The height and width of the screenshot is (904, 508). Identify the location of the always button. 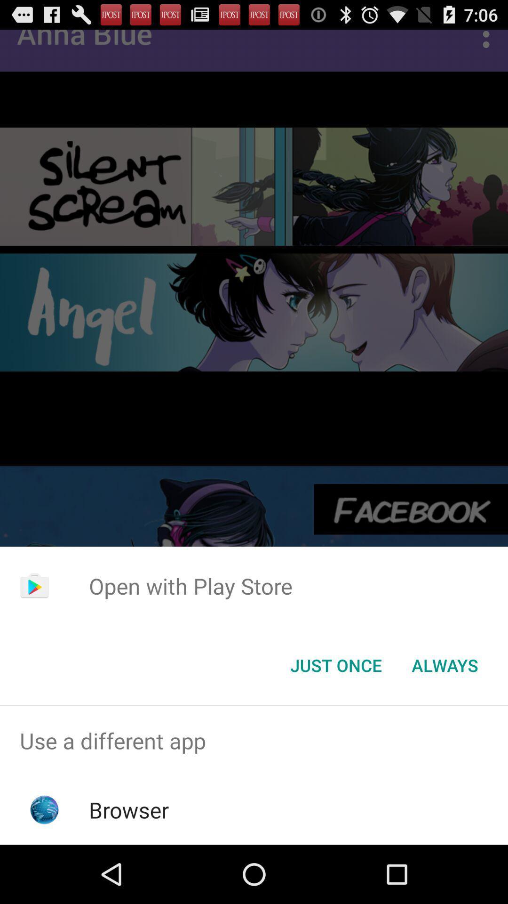
(444, 664).